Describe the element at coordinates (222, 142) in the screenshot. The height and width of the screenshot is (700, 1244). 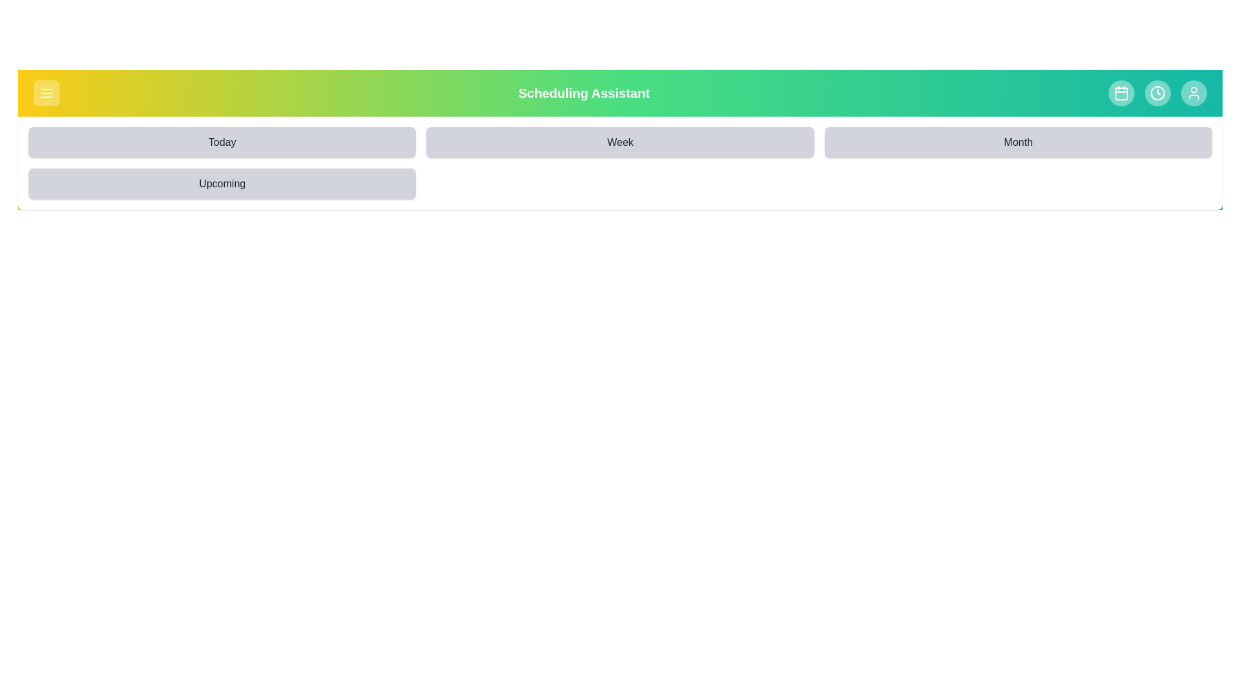
I see `the button corresponding to the selected time period: Today` at that location.